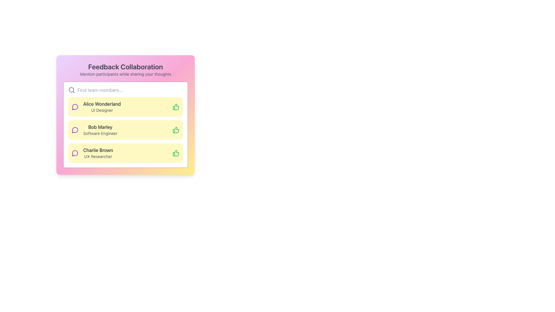  I want to click on the graphical icon in the lower-right corner of the third item in the 'Feedback Collaboration' list, next to 'Charlie Brown, UX Researcher', so click(175, 130).